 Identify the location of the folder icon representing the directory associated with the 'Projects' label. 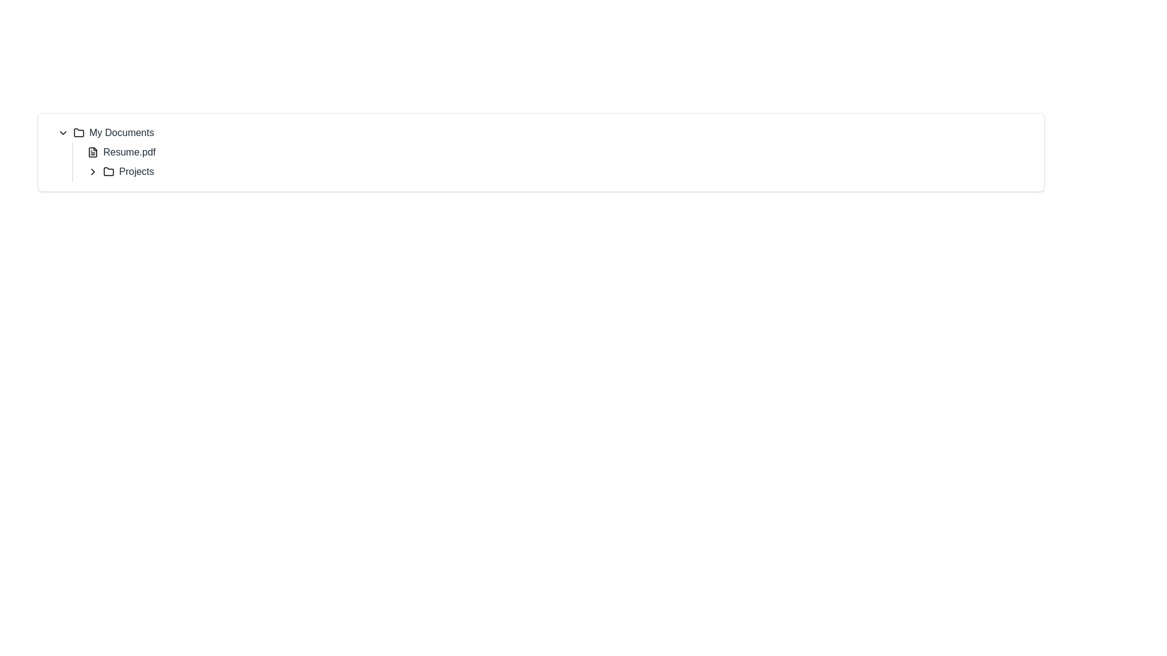
(108, 171).